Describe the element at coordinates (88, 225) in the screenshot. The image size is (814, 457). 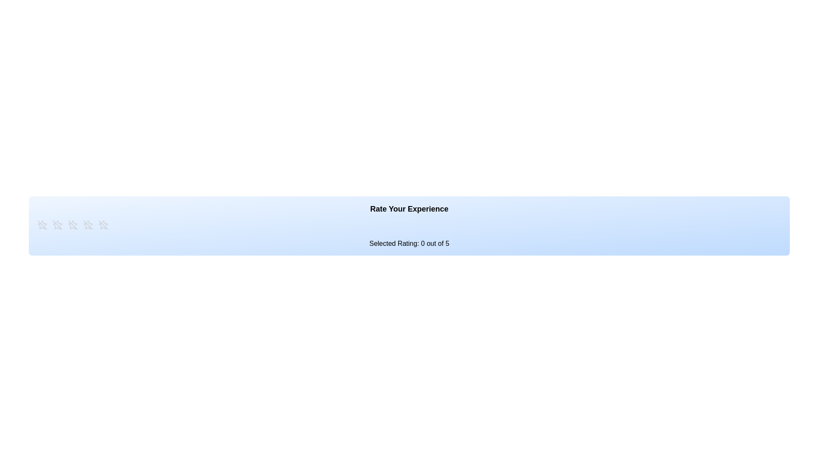
I see `the star corresponding to 4 stars to preview the rating` at that location.